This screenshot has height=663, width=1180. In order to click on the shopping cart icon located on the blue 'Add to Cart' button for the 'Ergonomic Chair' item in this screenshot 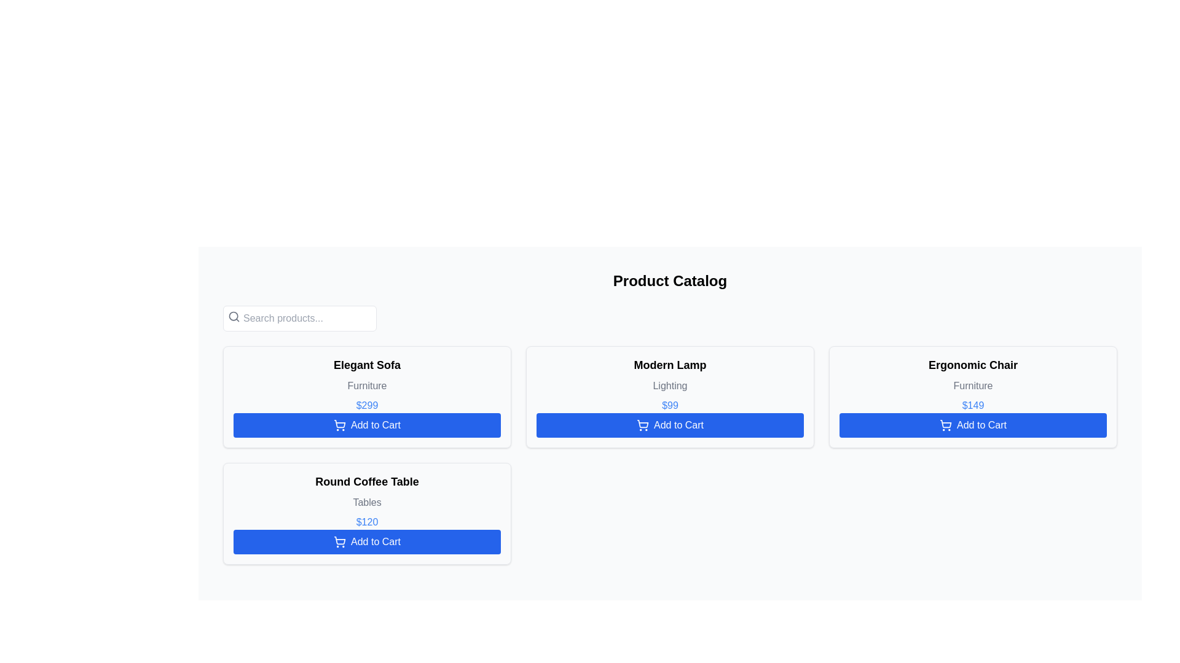, I will do `click(945, 425)`.